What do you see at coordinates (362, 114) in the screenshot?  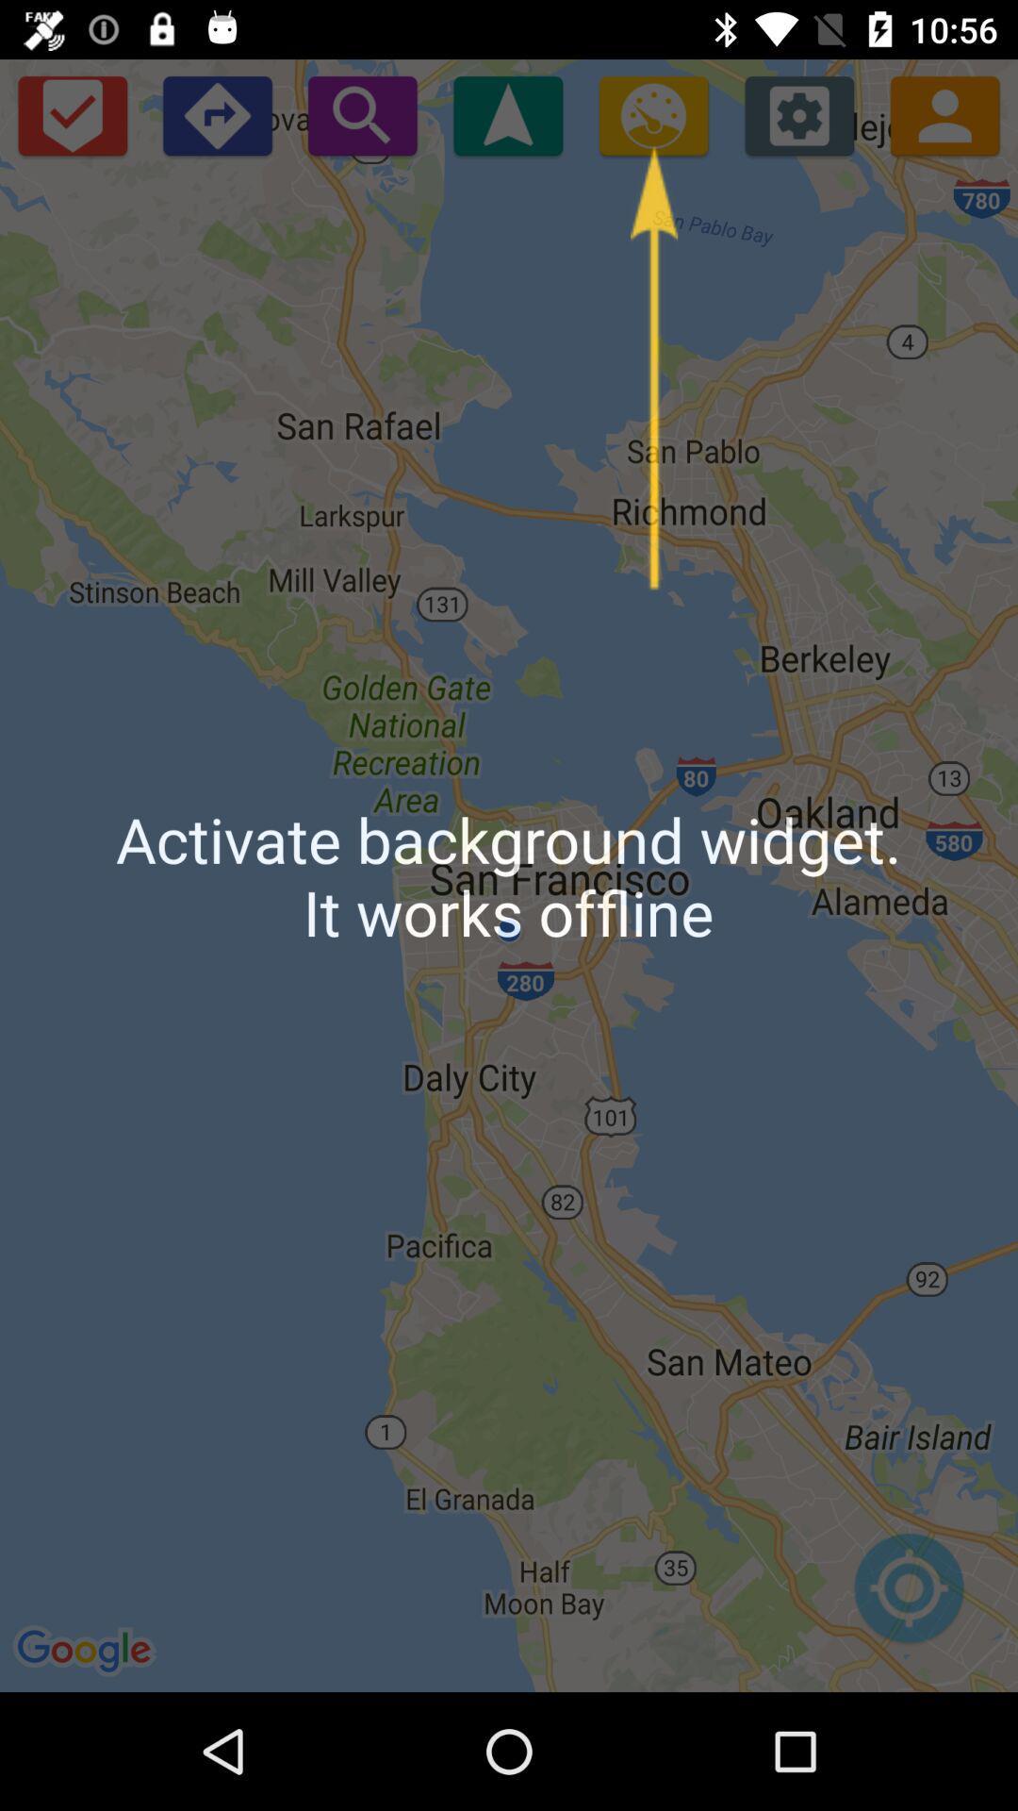 I see `starts a search` at bounding box center [362, 114].